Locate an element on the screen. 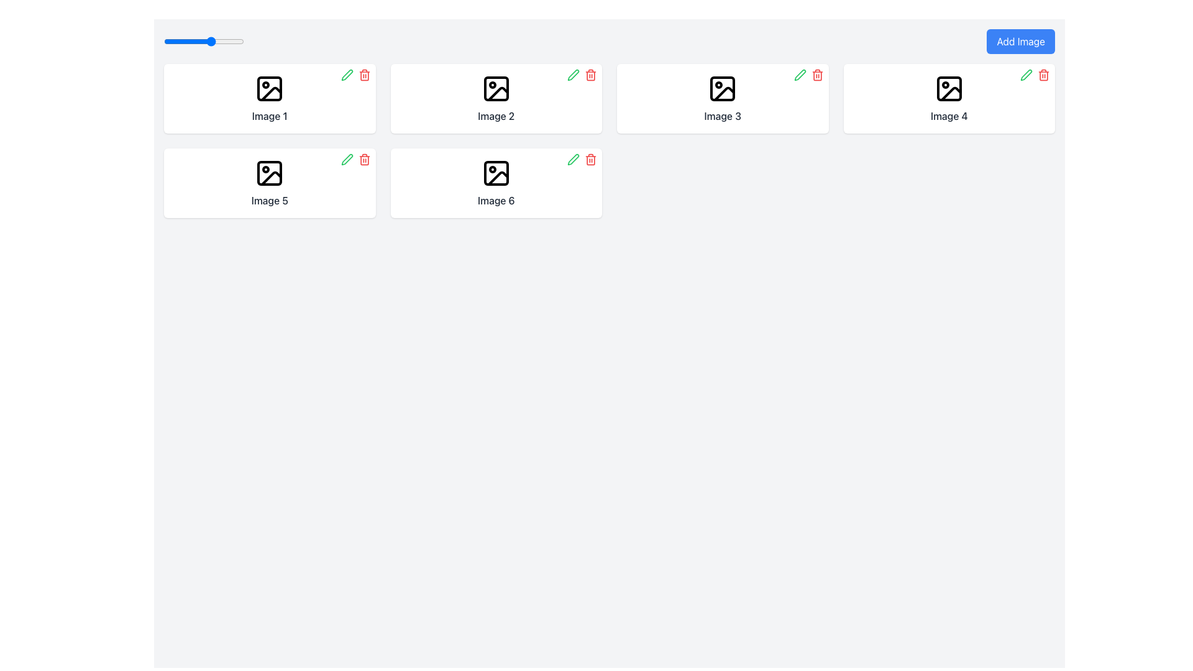  the green pen icon located to the right of the text 'Image 4' is located at coordinates (1026, 74).